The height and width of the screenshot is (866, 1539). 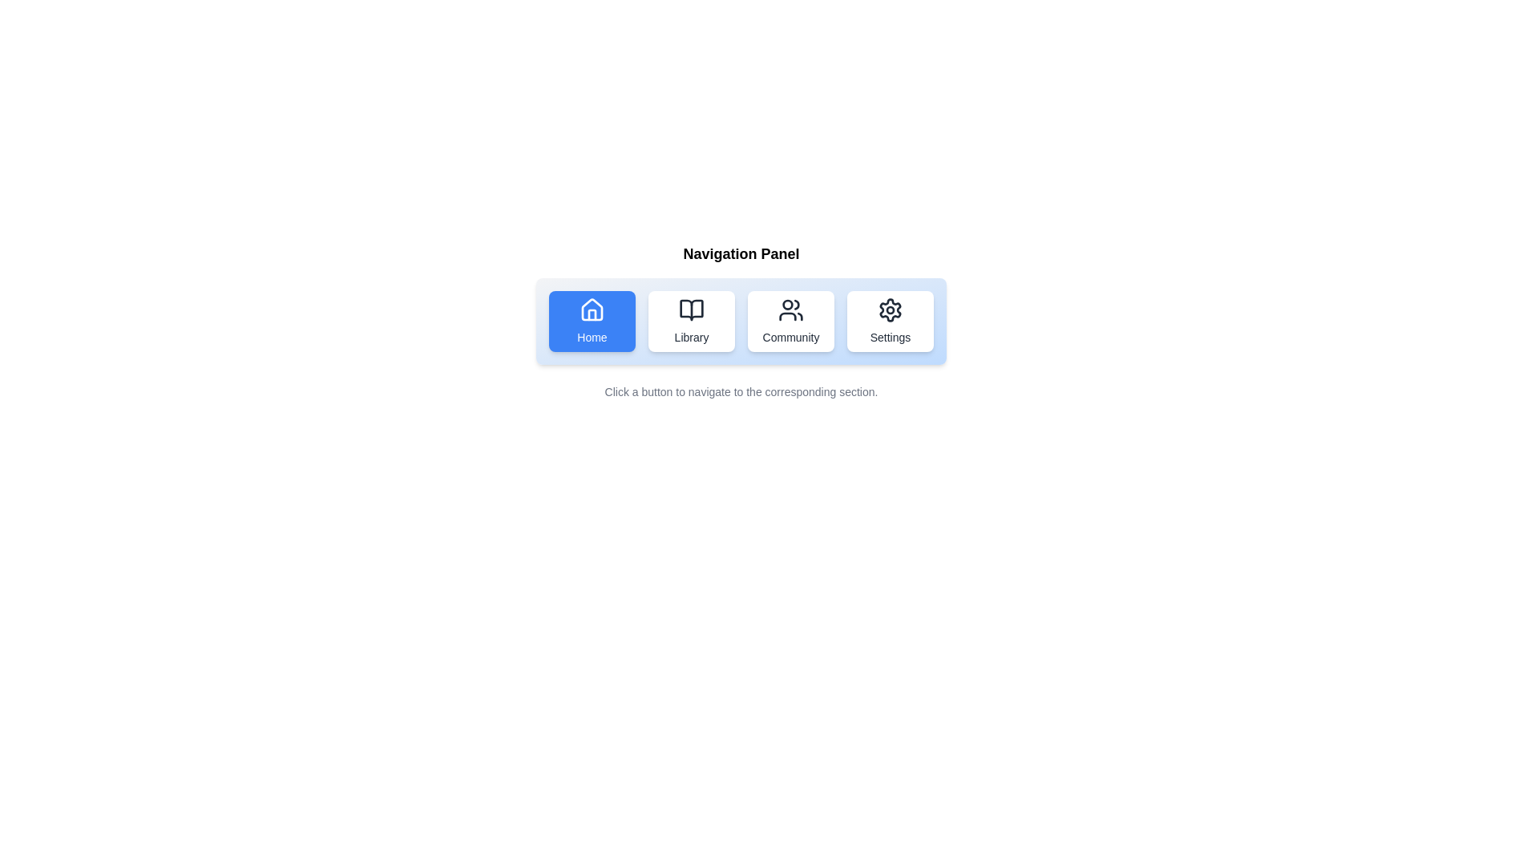 What do you see at coordinates (692, 336) in the screenshot?
I see `the 'Library' text label, which is located under the open book icon in the second button from the left in the navigation panel` at bounding box center [692, 336].